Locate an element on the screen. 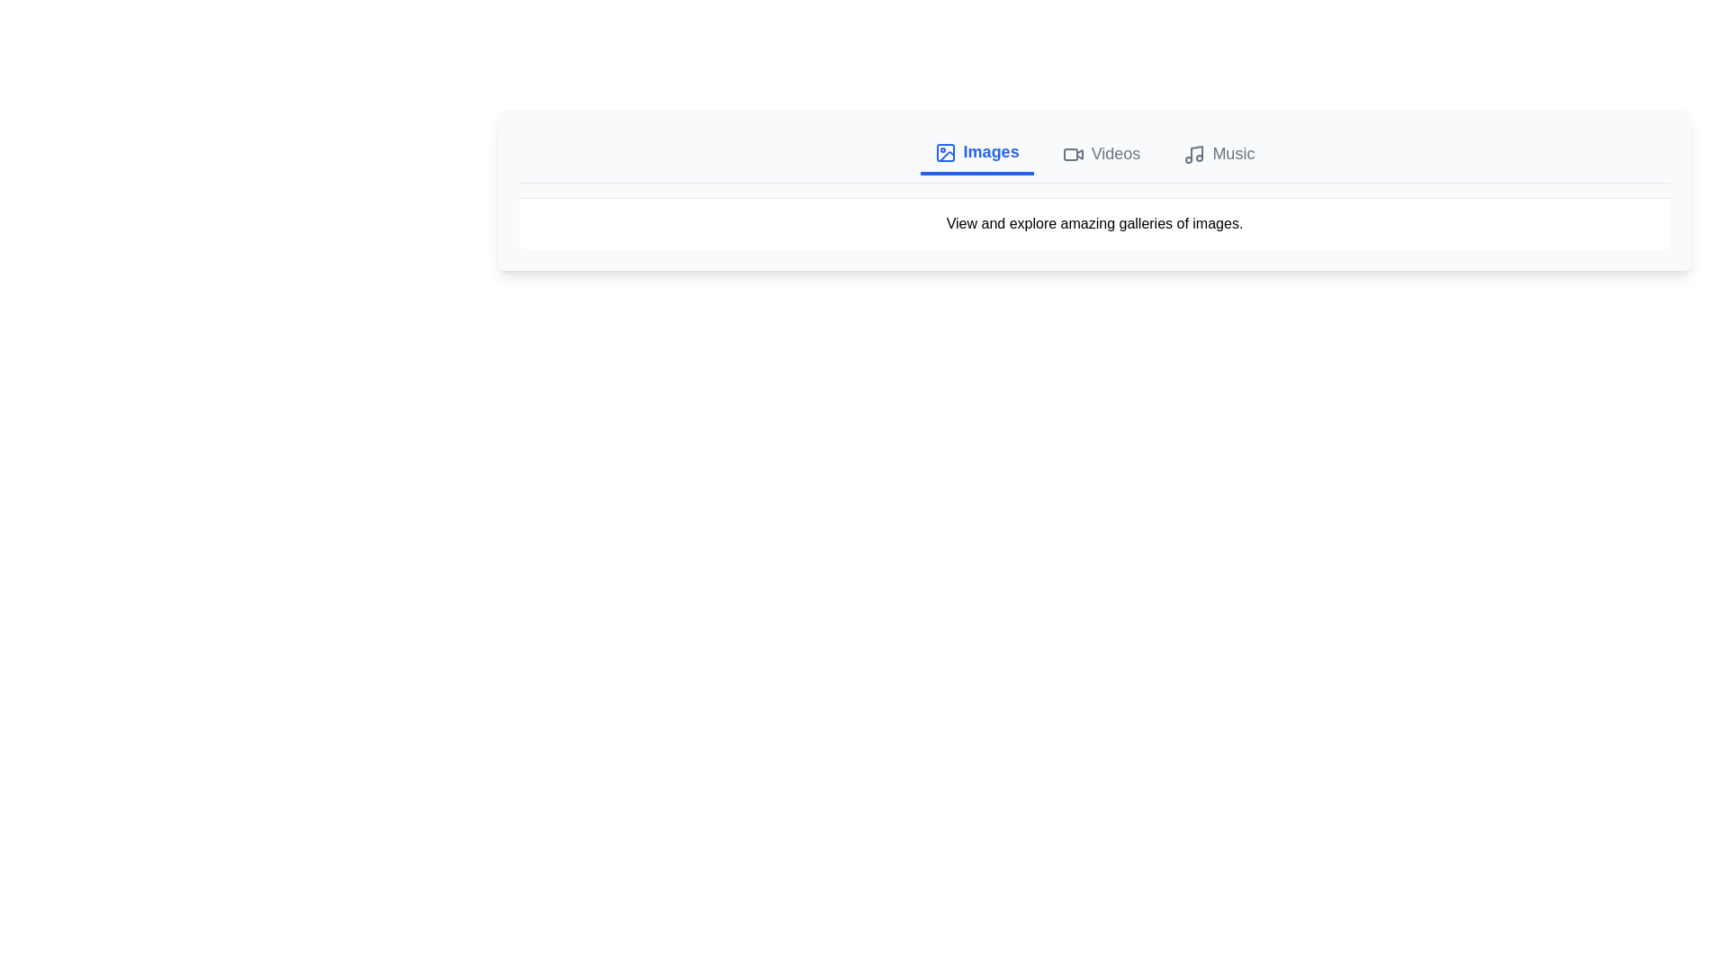  the icon within the 'Images' tab to focus on it is located at coordinates (944, 152).